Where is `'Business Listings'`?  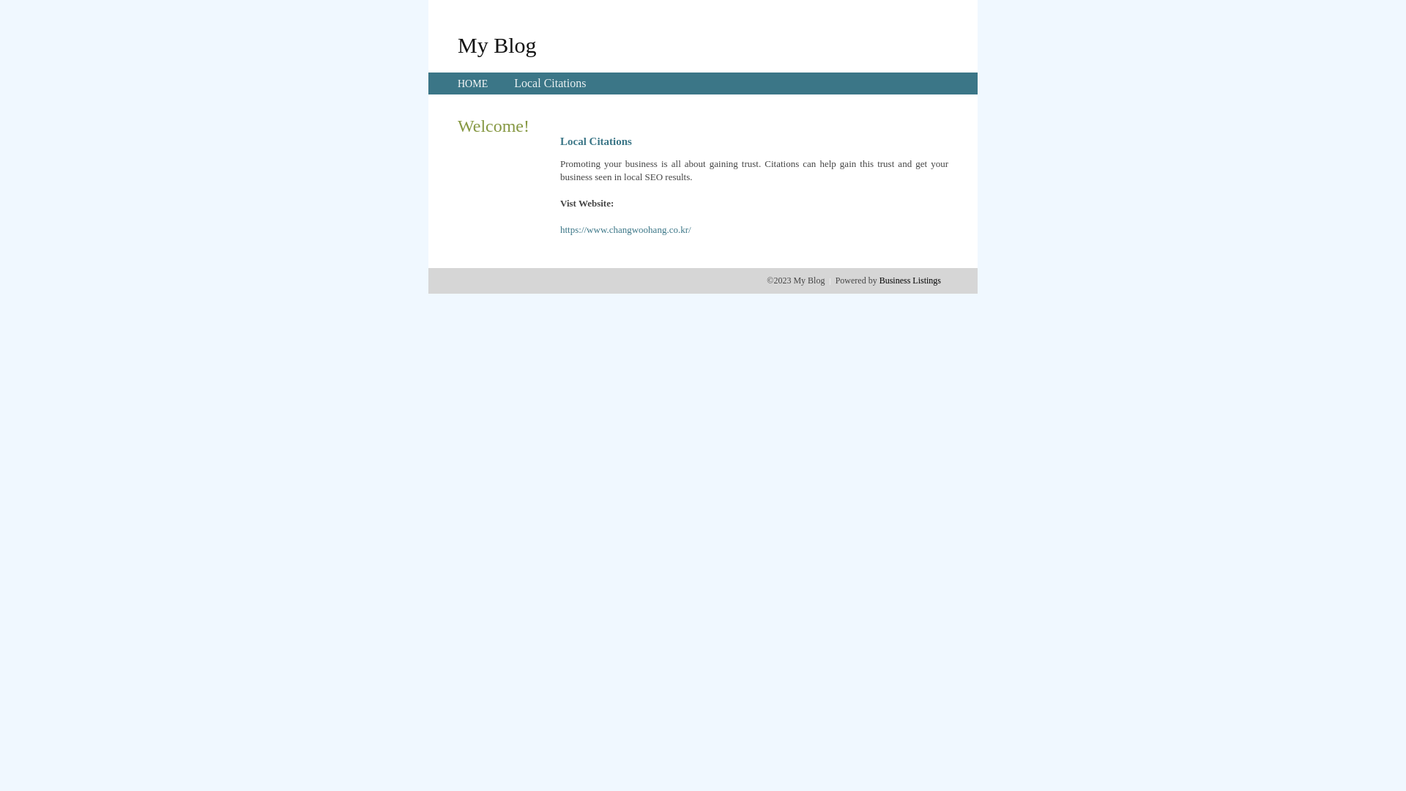 'Business Listings' is located at coordinates (910, 280).